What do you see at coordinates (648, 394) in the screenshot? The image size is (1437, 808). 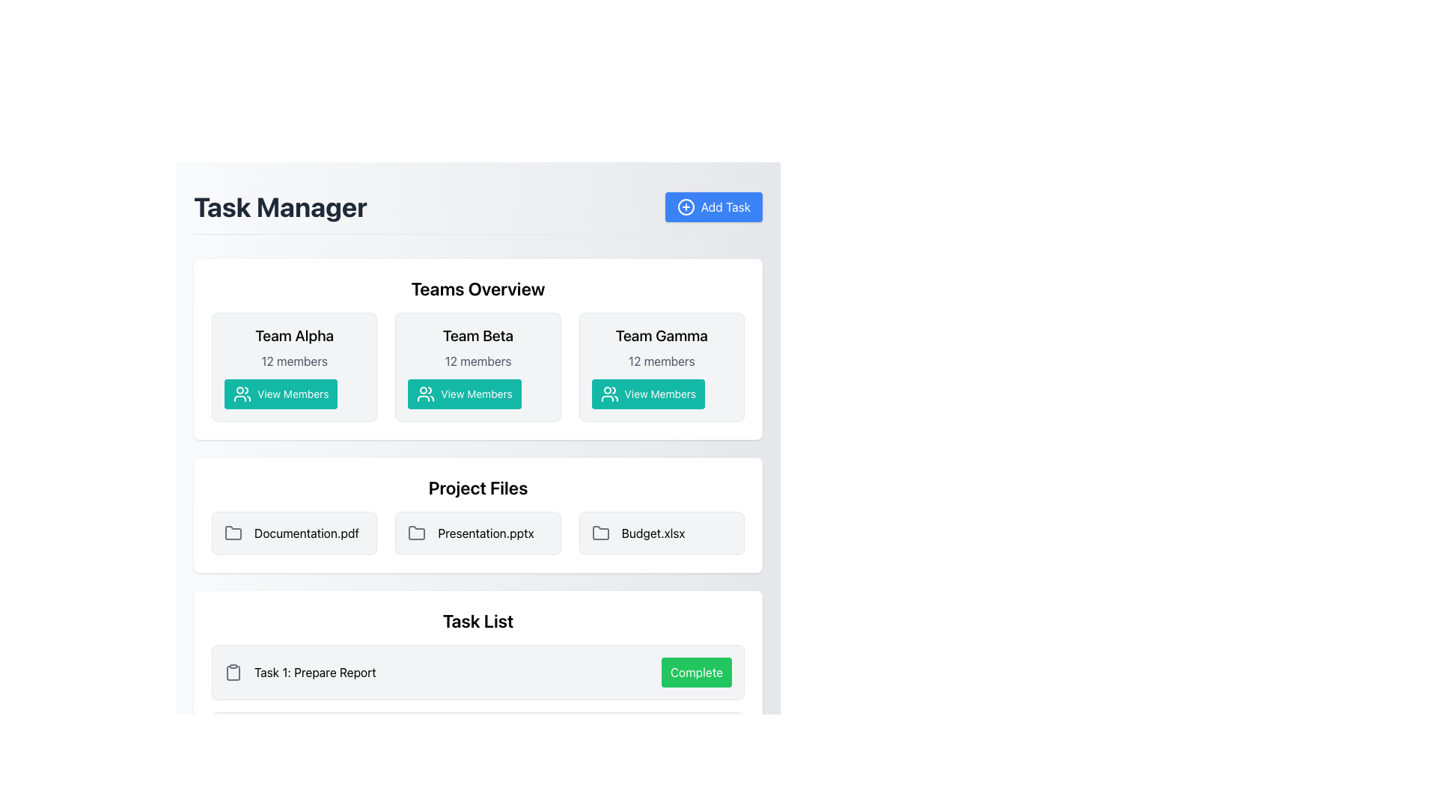 I see `the 'View Members' button, which is a teal button with white text and an icon of two user figures, located in the top-right of the 'Teams Overview' section` at bounding box center [648, 394].